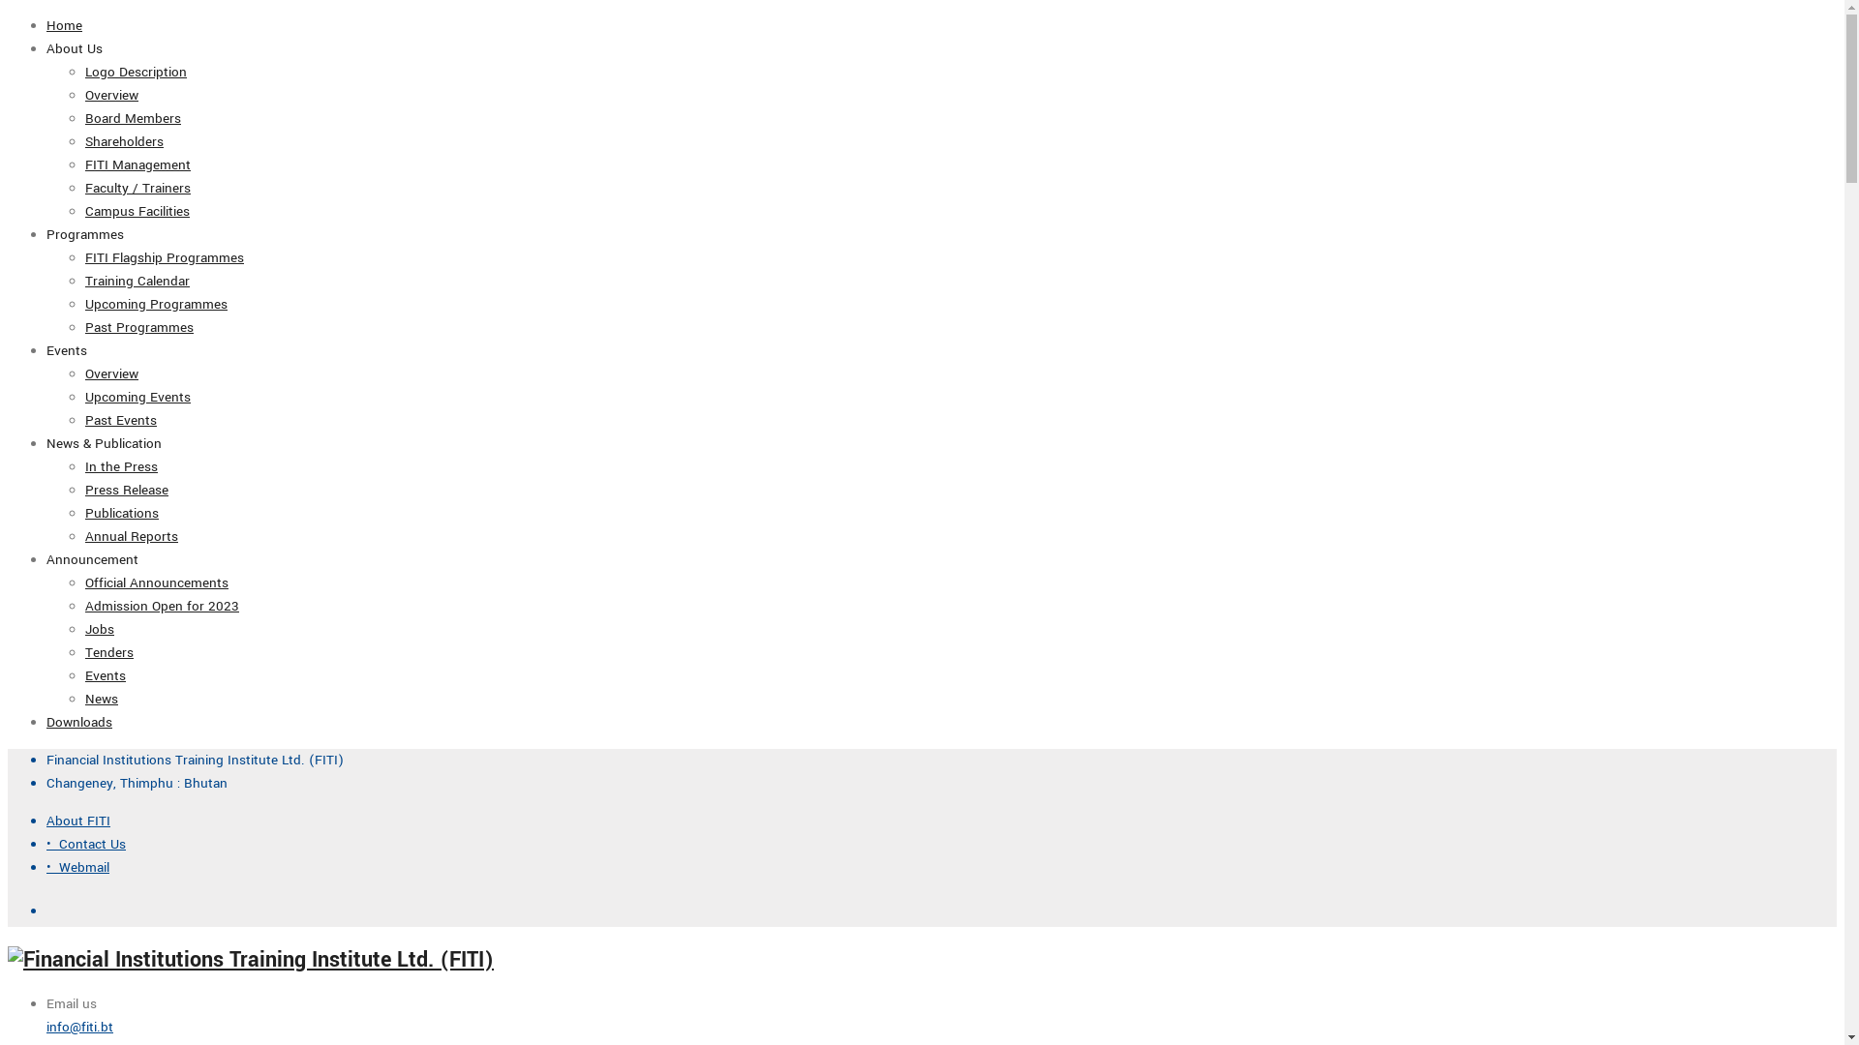 This screenshot has width=1859, height=1045. What do you see at coordinates (137, 188) in the screenshot?
I see `'Faculty / Trainers'` at bounding box center [137, 188].